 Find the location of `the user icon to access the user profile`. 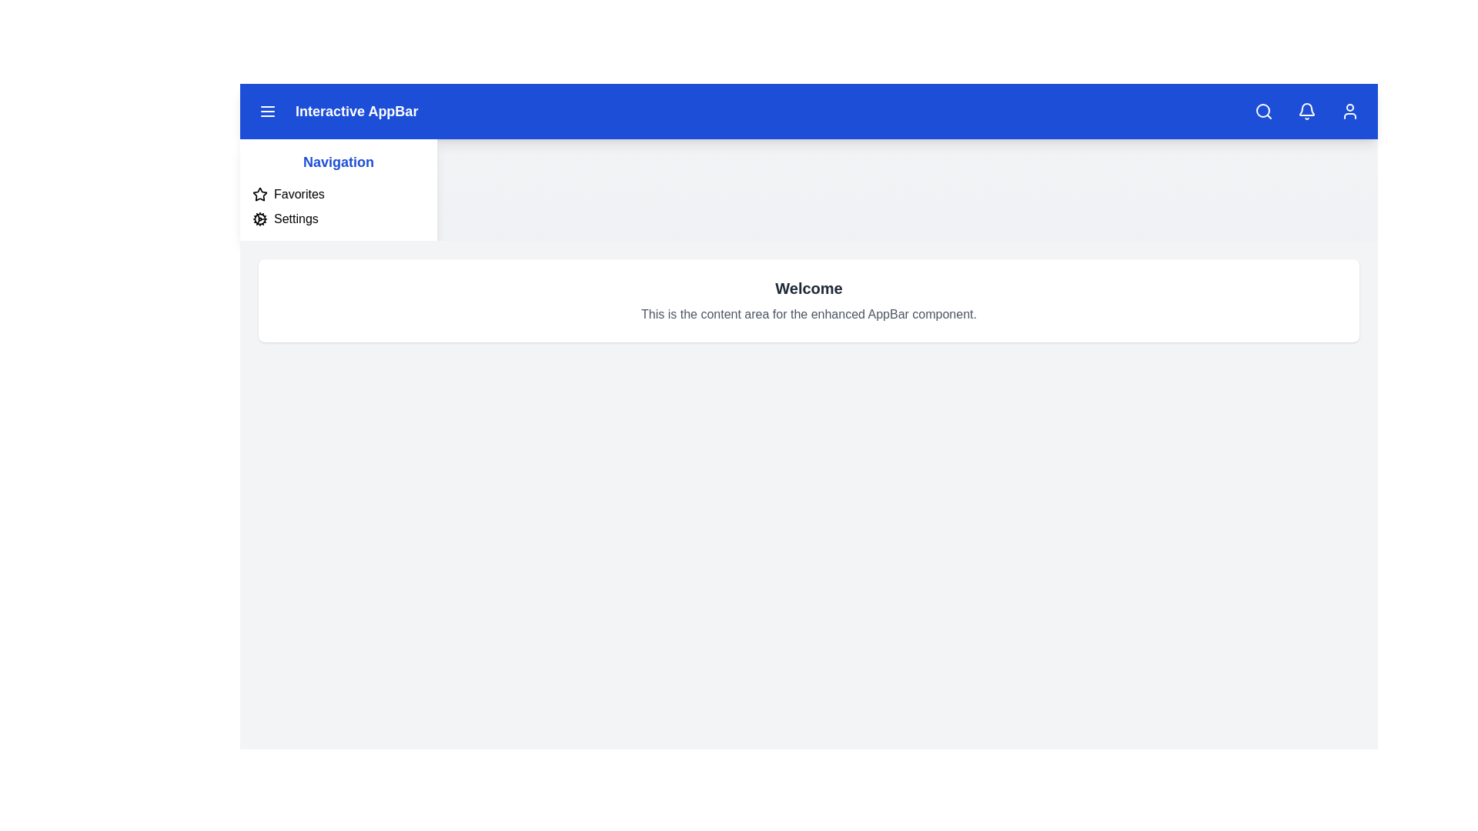

the user icon to access the user profile is located at coordinates (1349, 111).